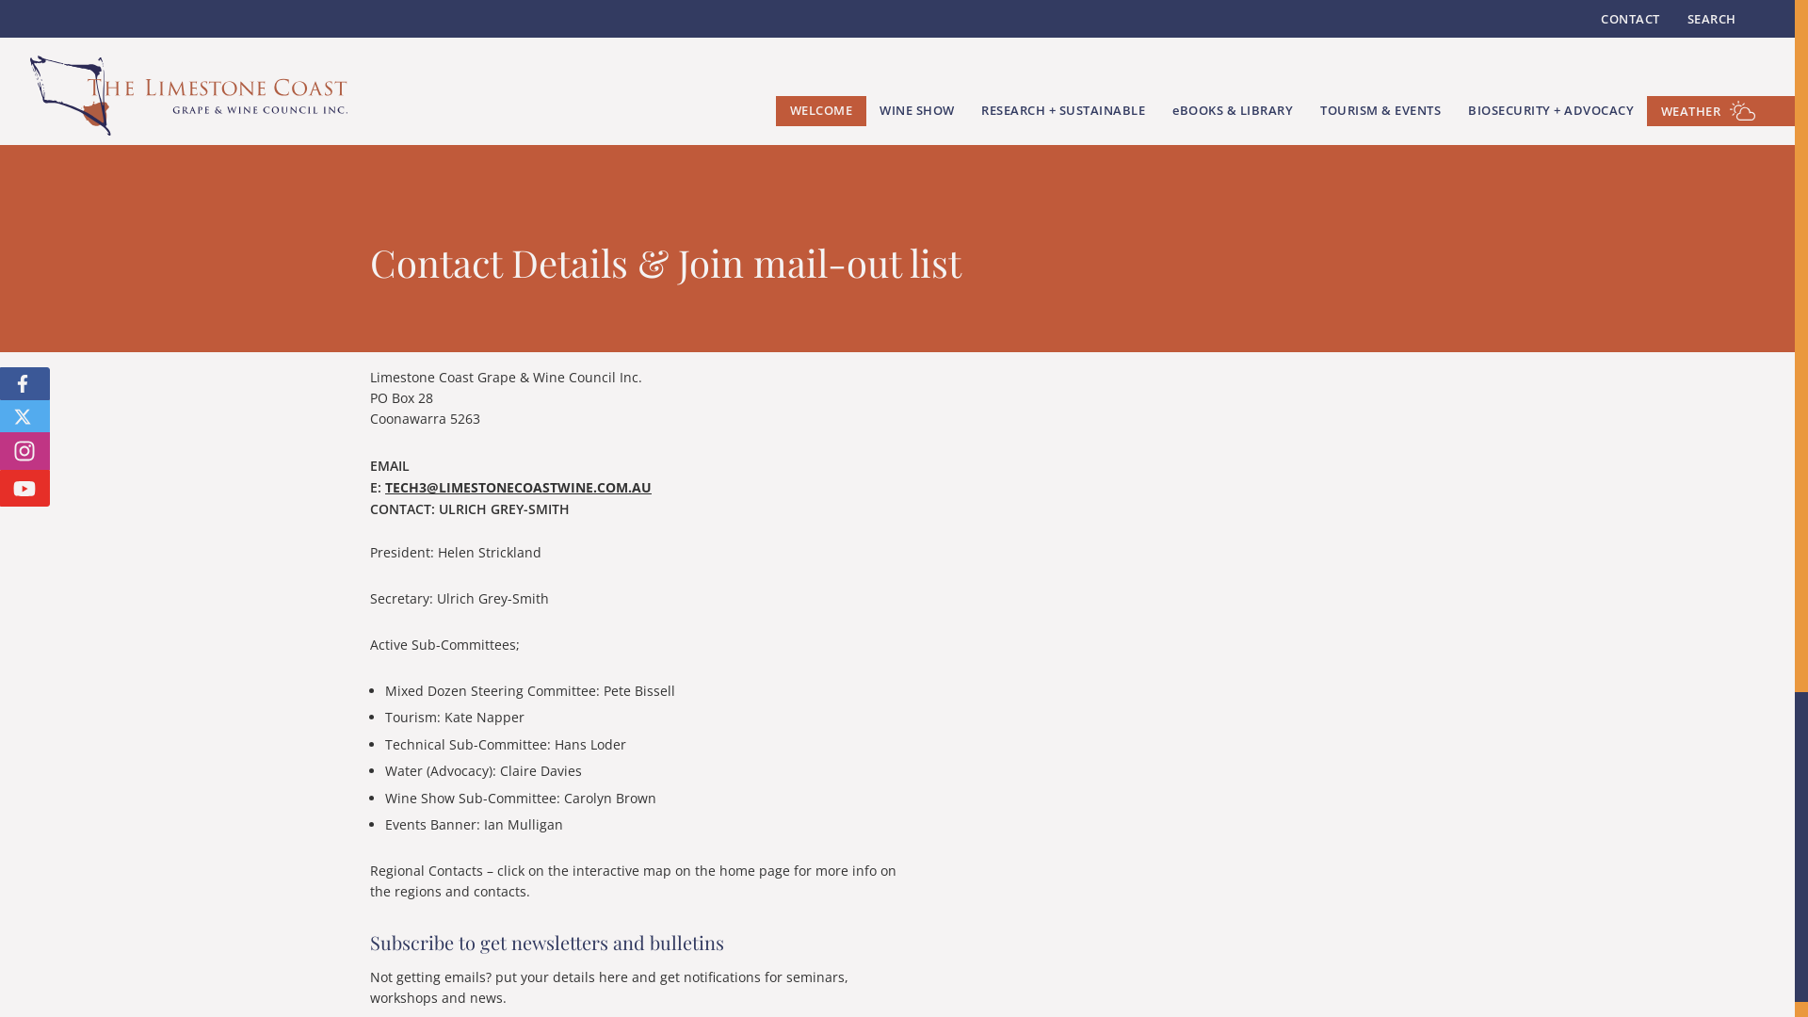  Describe the element at coordinates (24, 451) in the screenshot. I see `'FOLLOW US ON INSTAGRAM'` at that location.